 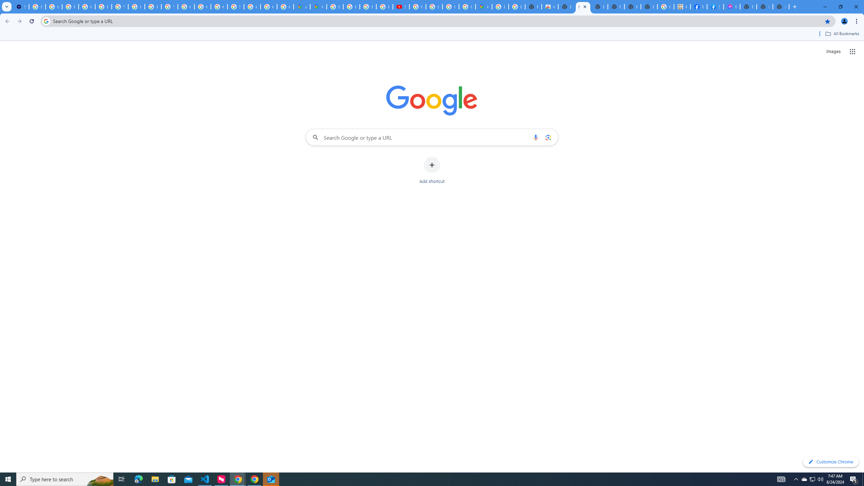 I want to click on 'Learn how to find your photos - Google Photos Help', so click(x=53, y=6).